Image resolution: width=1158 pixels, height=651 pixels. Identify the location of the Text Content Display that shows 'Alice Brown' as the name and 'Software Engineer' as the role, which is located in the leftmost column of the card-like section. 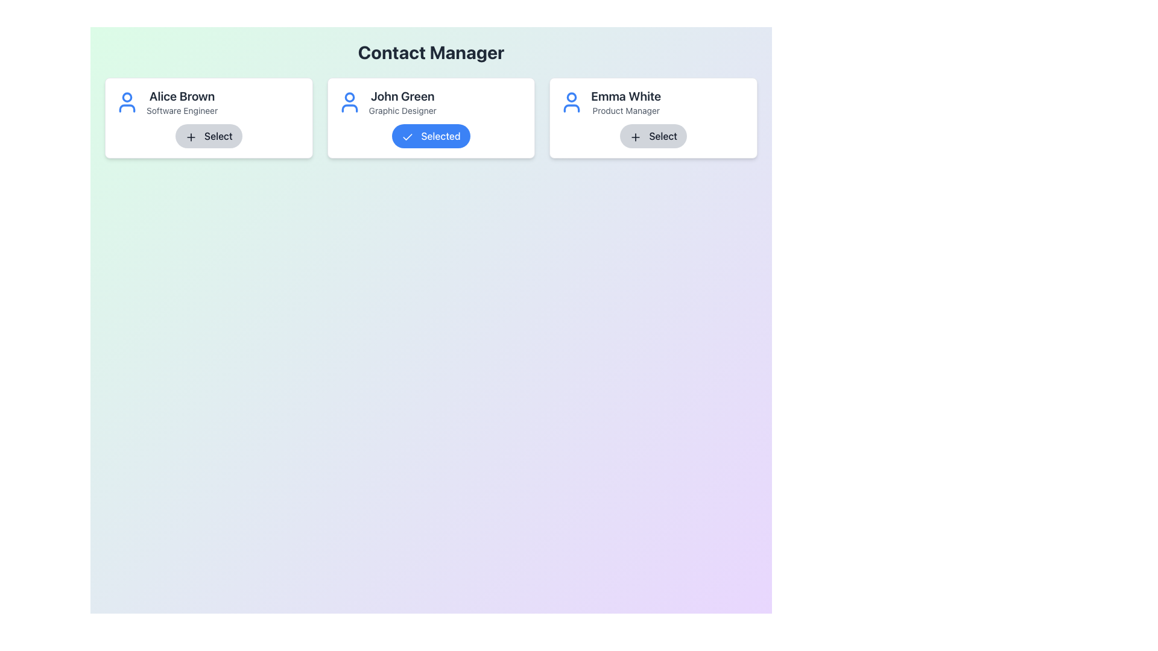
(182, 101).